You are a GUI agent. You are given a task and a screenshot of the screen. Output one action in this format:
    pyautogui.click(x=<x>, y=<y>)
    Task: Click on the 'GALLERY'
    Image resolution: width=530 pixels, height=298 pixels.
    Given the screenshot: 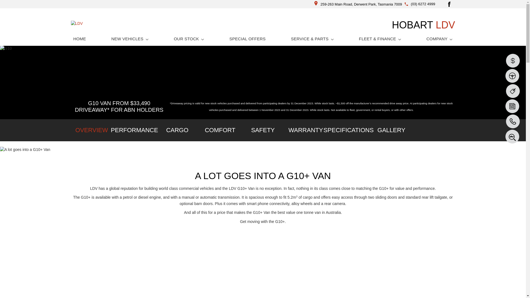 What is the action you would take?
    pyautogui.click(x=391, y=130)
    